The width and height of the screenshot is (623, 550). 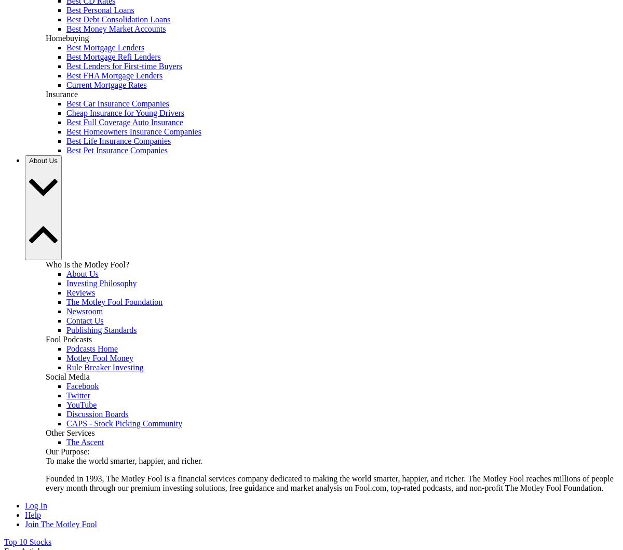 I want to click on 'YouTube', so click(x=80, y=404).